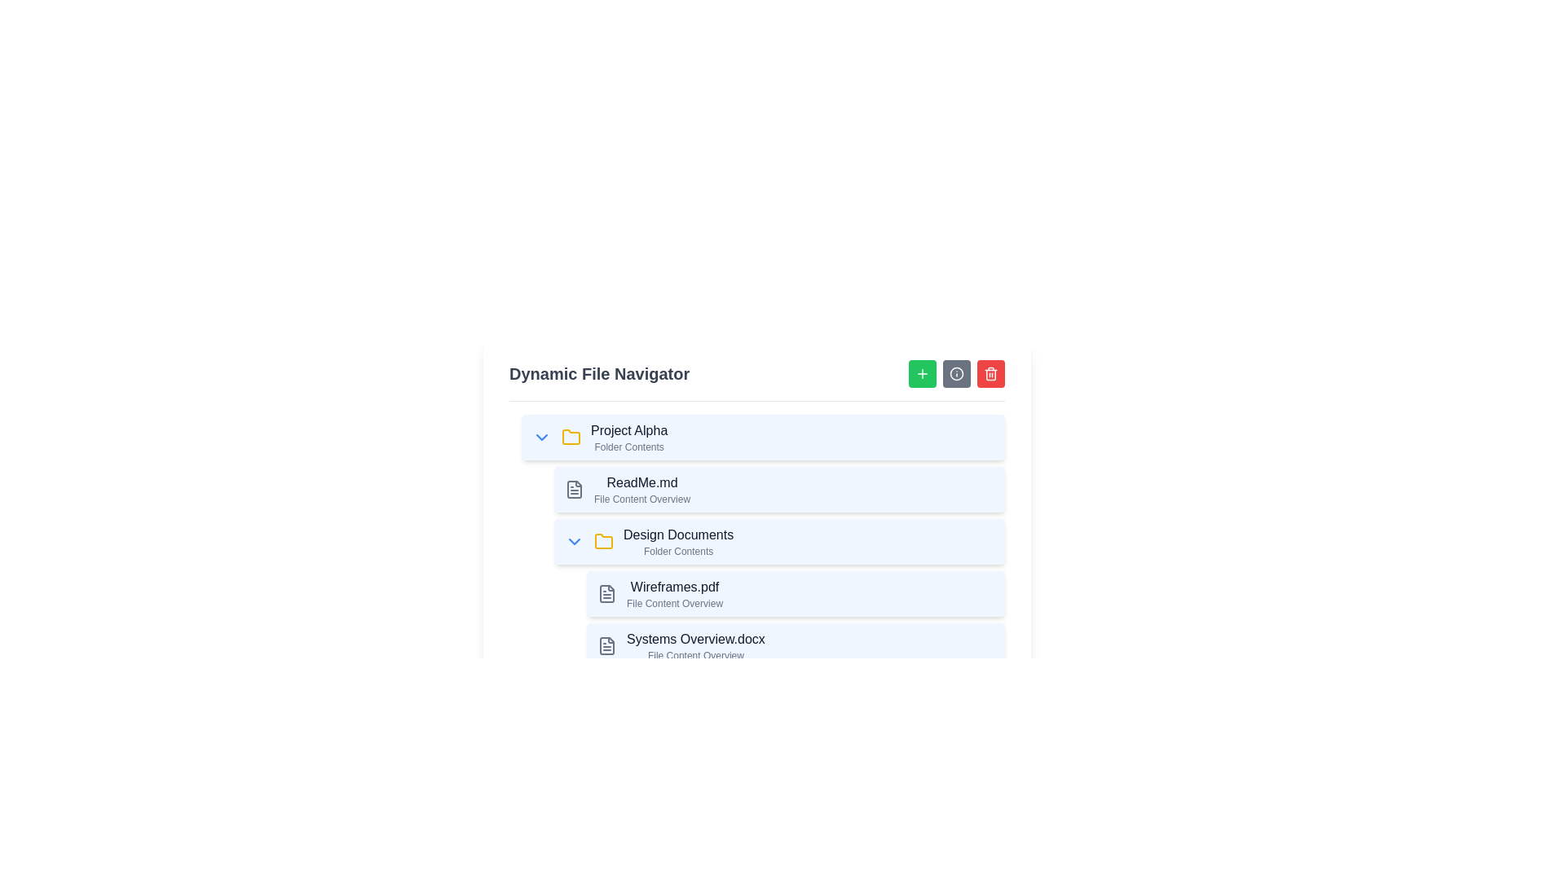  I want to click on the button in the top-right corner of the navigation panel, so click(923, 374).